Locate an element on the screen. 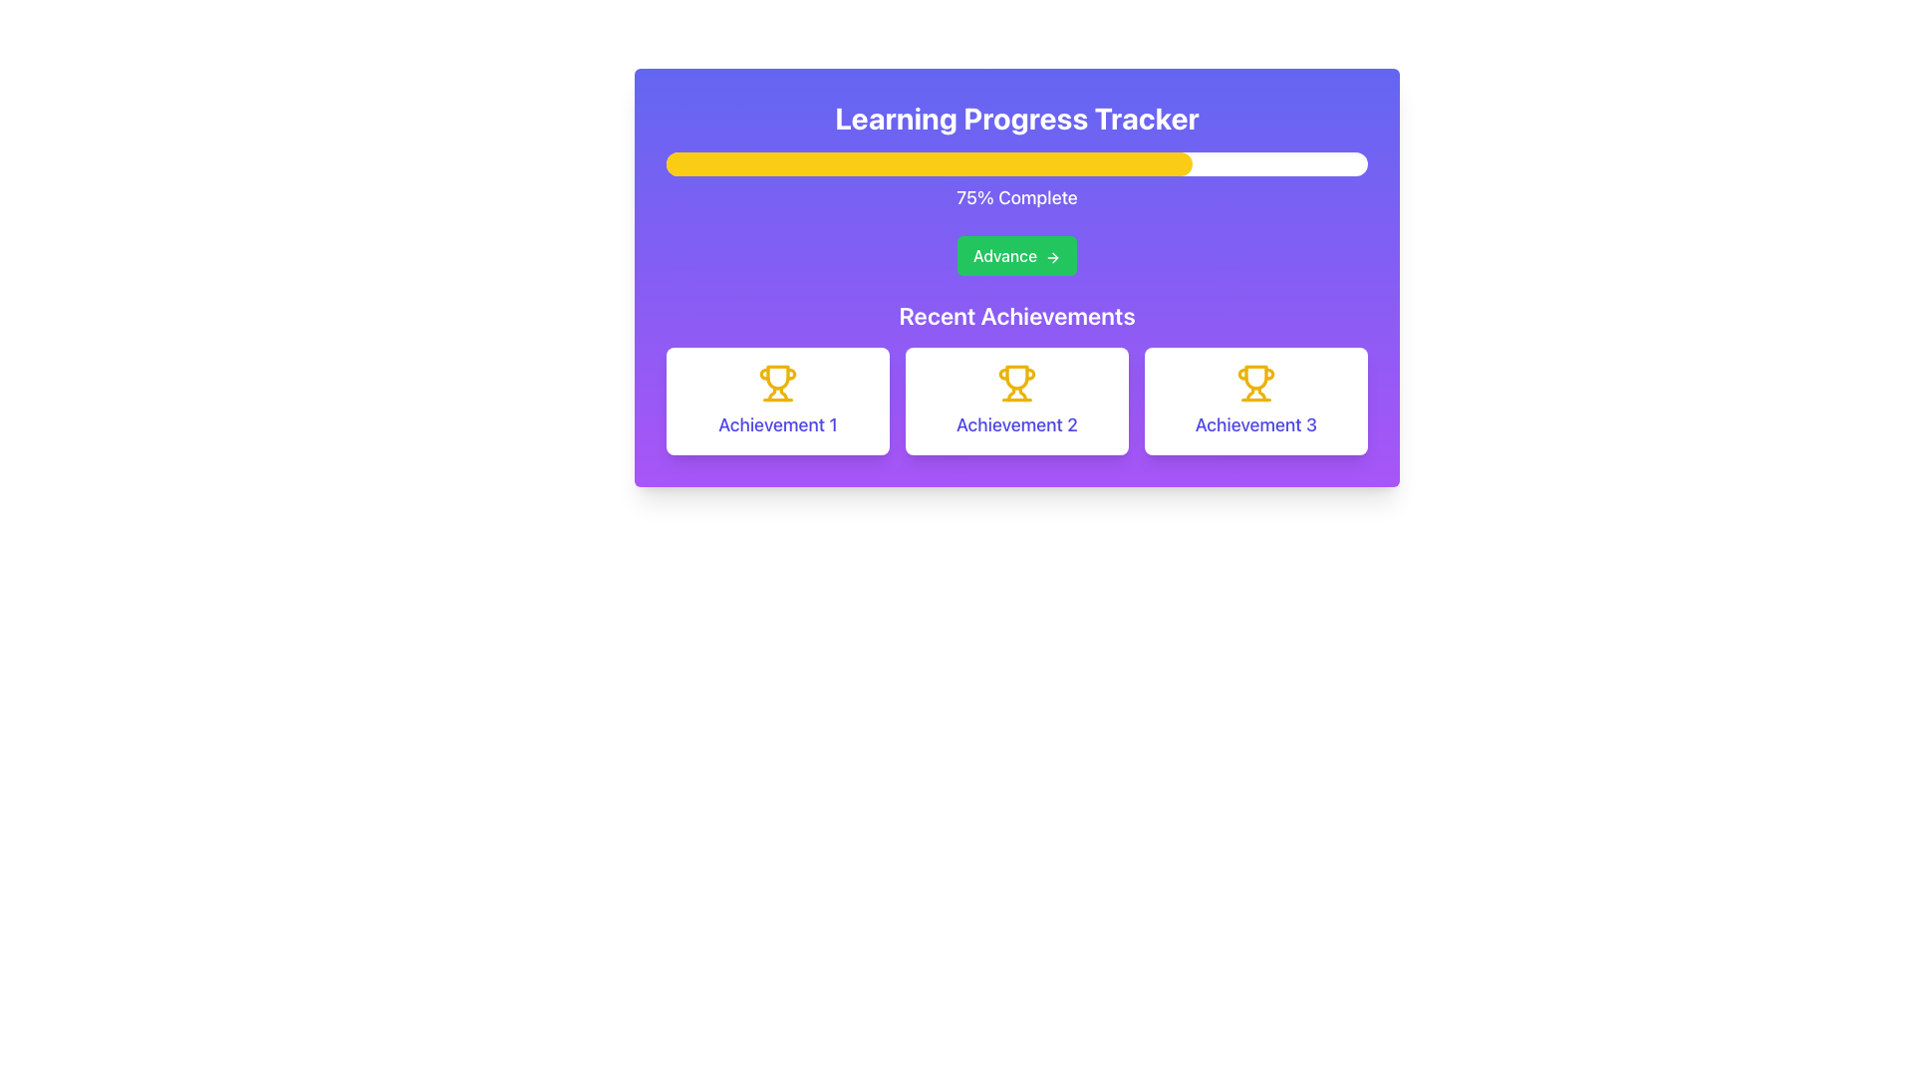 The height and width of the screenshot is (1076, 1913). the achievement icon indicating 'Achievement 3', located within the third box of the achievement icons is located at coordinates (1255, 384).